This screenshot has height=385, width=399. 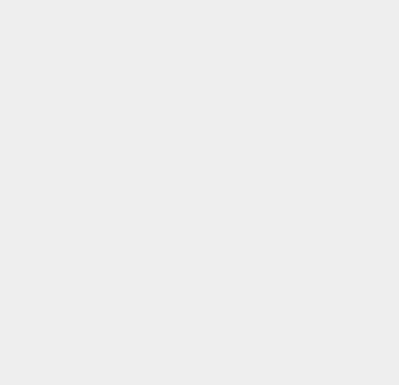 What do you see at coordinates (292, 300) in the screenshot?
I see `'iOS 8.1.3'` at bounding box center [292, 300].